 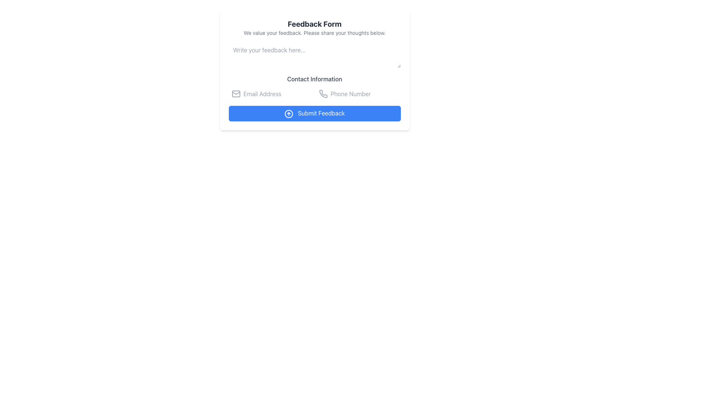 What do you see at coordinates (357, 94) in the screenshot?
I see `the Phone Number input field, which is a rectangular input field with a light border and rounded corners` at bounding box center [357, 94].